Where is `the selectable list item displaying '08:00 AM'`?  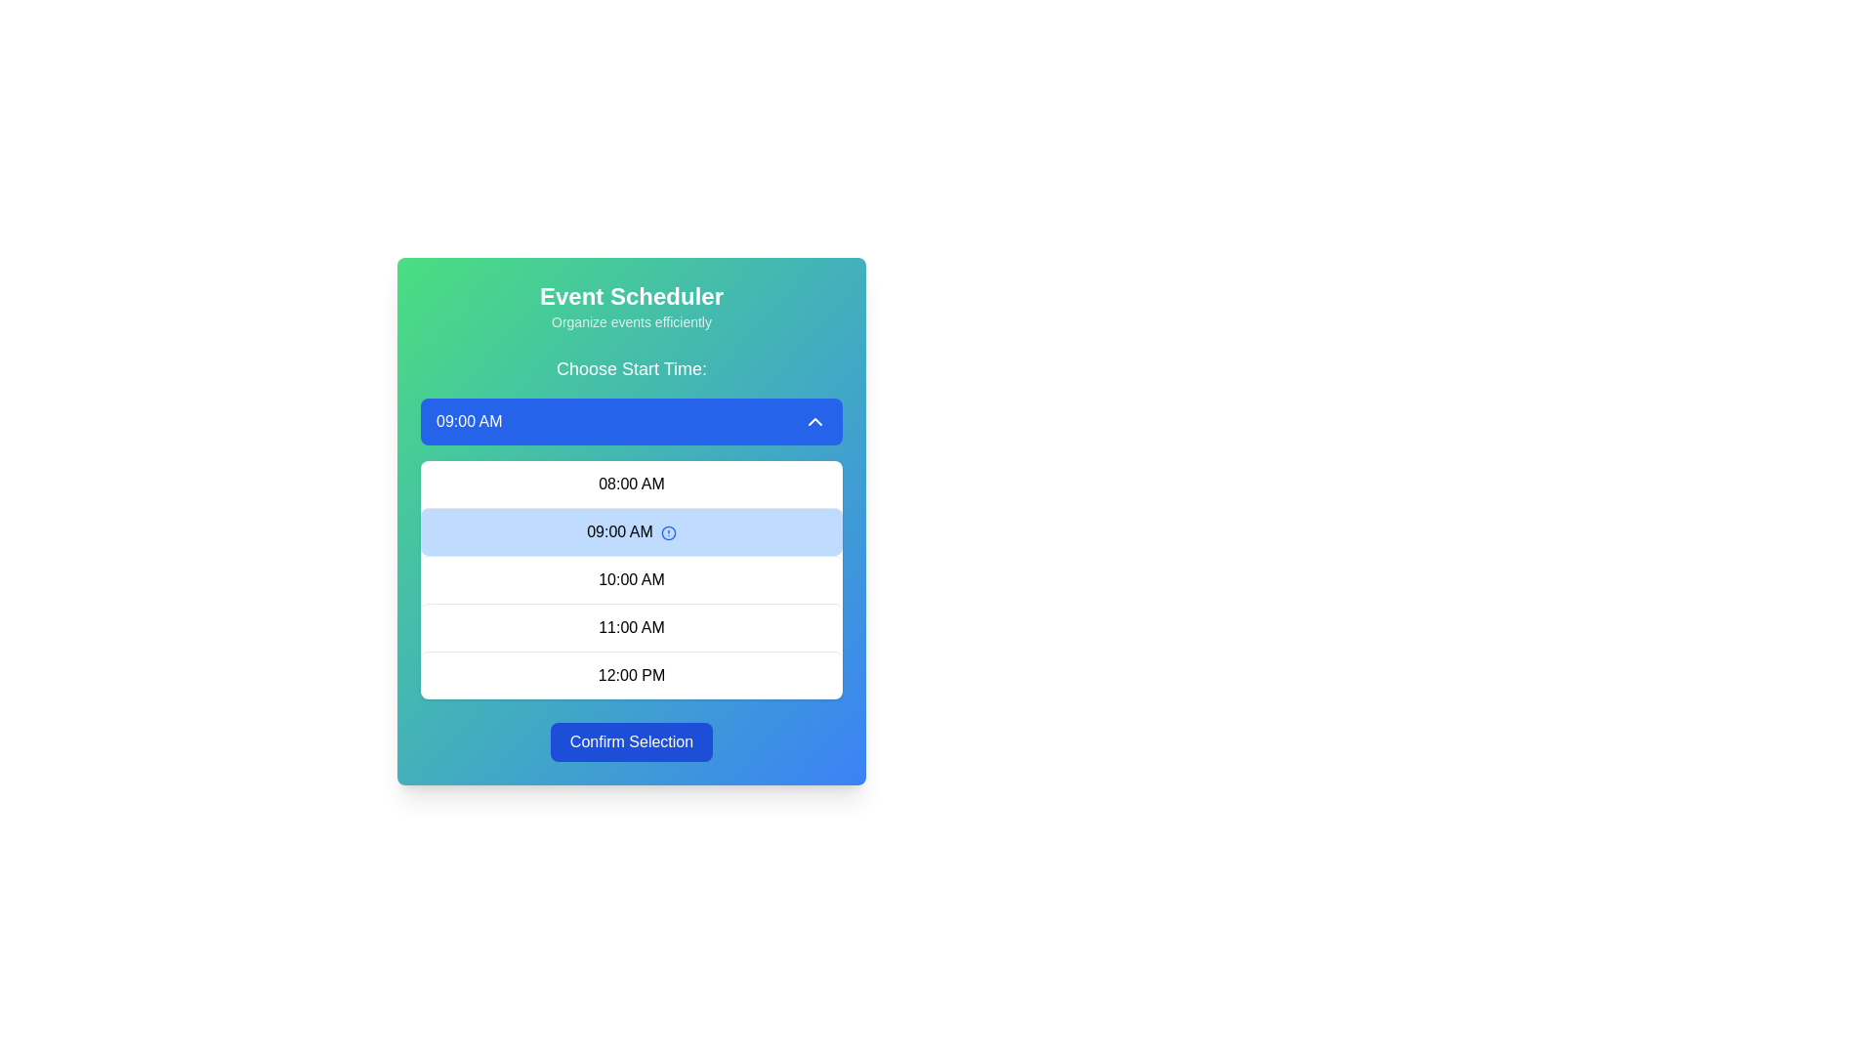 the selectable list item displaying '08:00 AM' is located at coordinates (632, 484).